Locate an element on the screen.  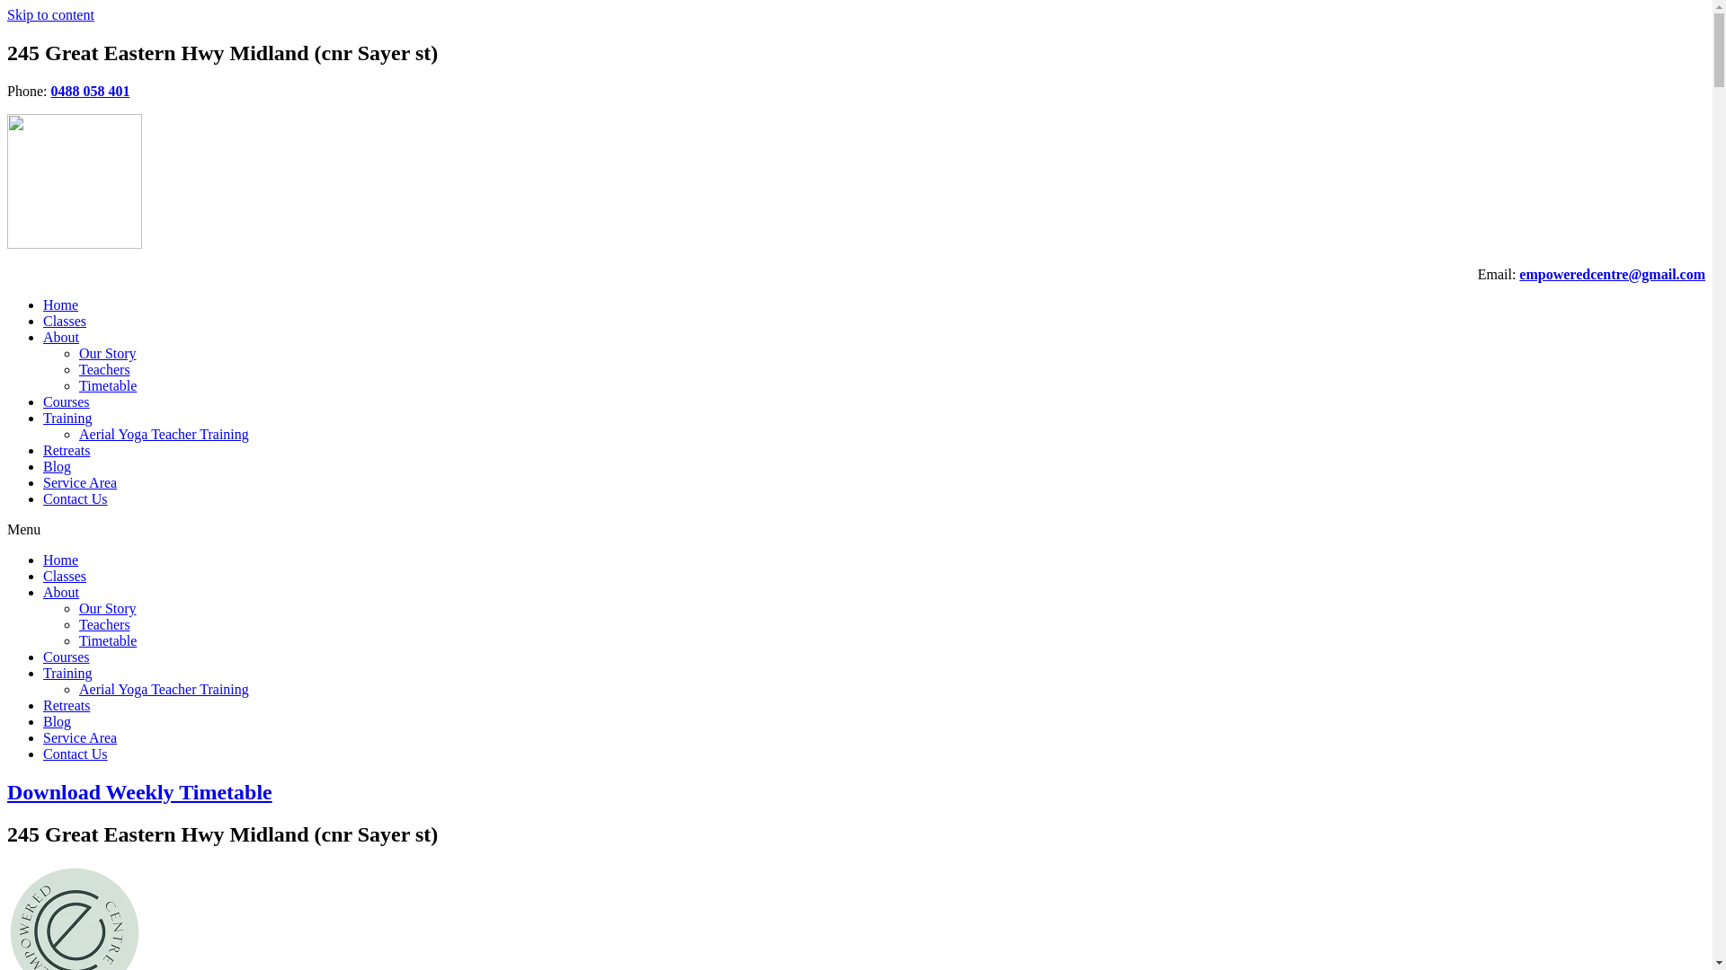
'Blog' is located at coordinates (57, 465).